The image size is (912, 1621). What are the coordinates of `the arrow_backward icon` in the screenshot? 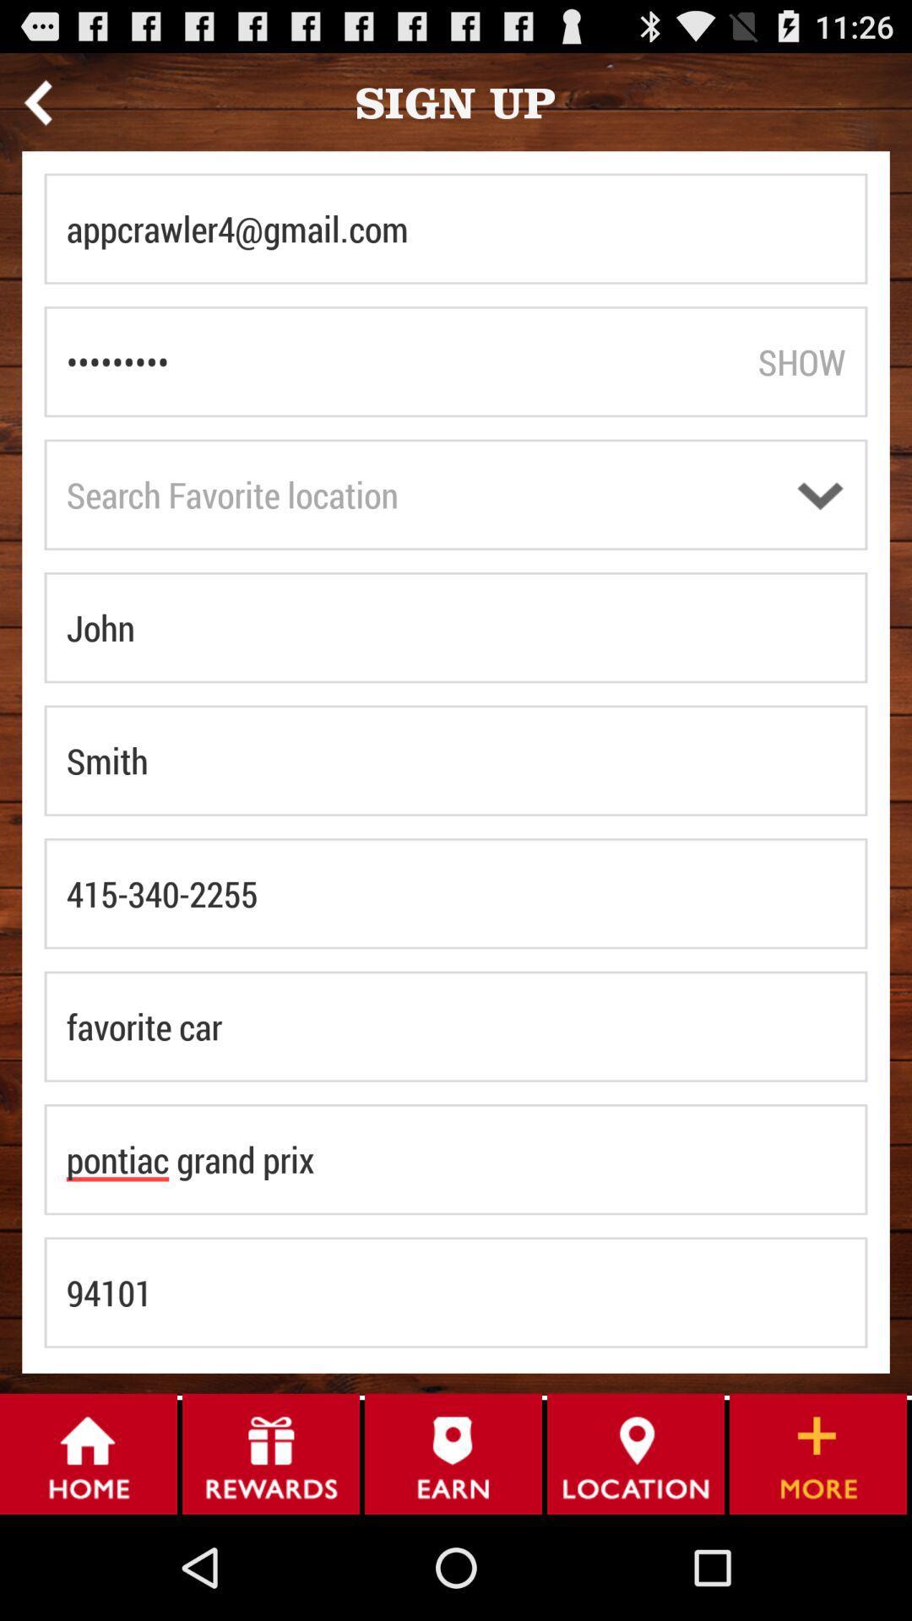 It's located at (37, 108).